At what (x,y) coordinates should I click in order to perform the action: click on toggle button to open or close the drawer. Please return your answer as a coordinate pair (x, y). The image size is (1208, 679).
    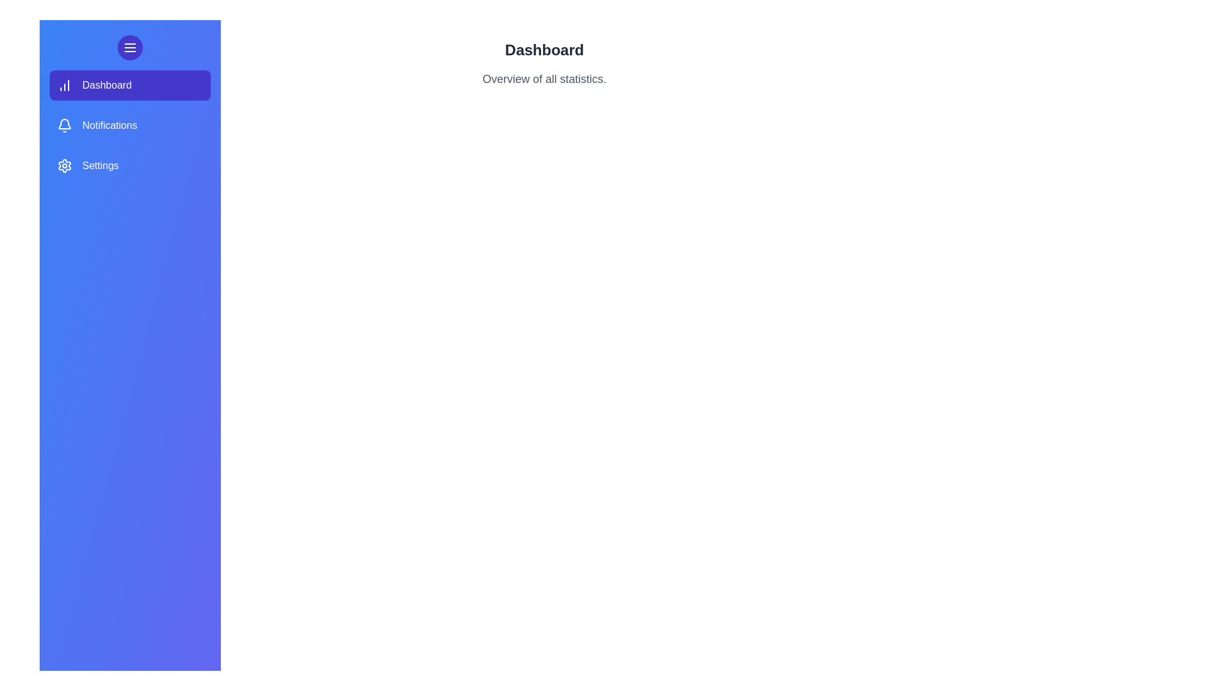
    Looking at the image, I should click on (130, 47).